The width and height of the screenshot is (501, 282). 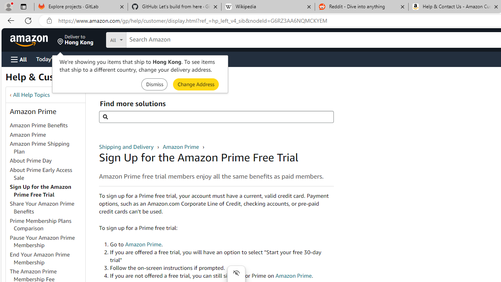 What do you see at coordinates (47, 258) in the screenshot?
I see `'End Your Amazon Prime Membership'` at bounding box center [47, 258].